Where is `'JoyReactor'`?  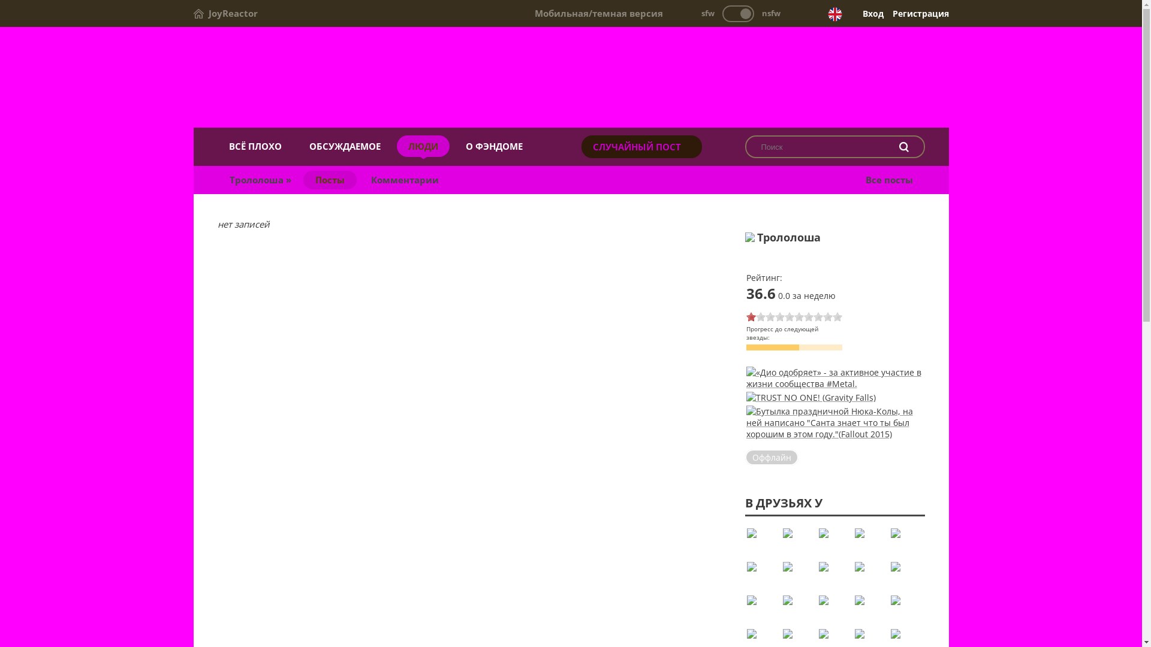
'JoyReactor' is located at coordinates (192, 13).